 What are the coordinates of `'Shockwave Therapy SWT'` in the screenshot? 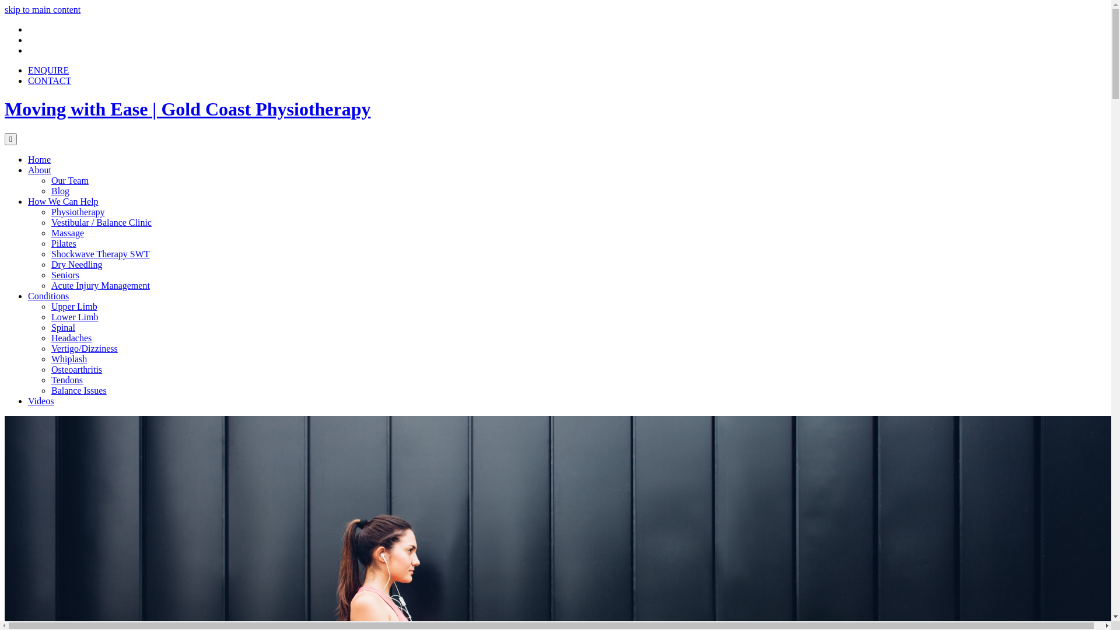 It's located at (100, 253).